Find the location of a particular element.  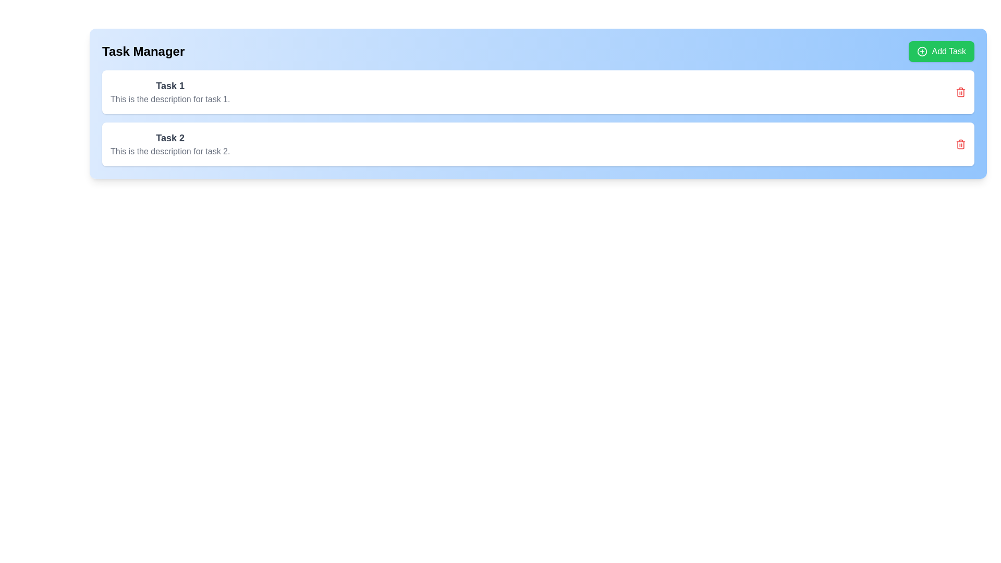

the Task Display Card titled 'Task 2', which features a bold title and a descriptive subtitle, located in the Task Manager interface is located at coordinates (170, 144).